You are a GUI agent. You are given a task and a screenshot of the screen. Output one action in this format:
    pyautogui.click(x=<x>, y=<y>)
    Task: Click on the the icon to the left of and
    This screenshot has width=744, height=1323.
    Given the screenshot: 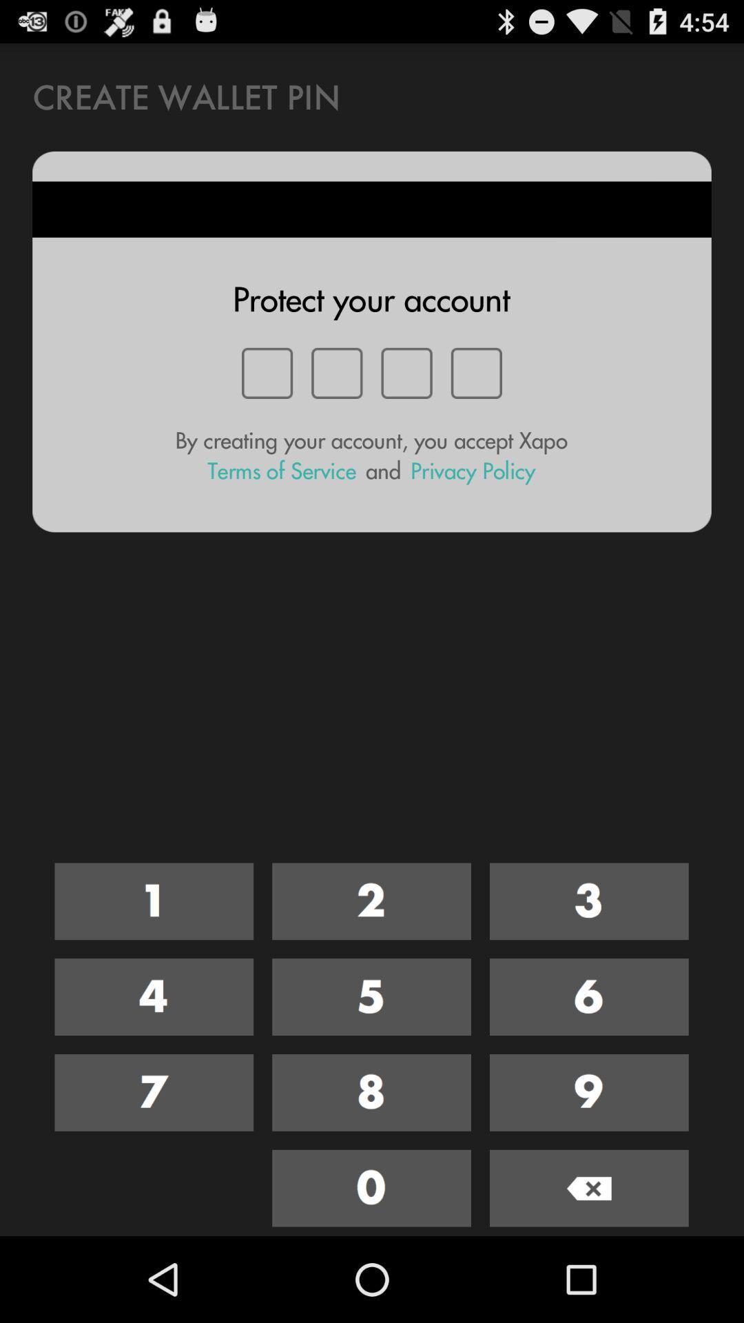 What is the action you would take?
    pyautogui.click(x=281, y=471)
    